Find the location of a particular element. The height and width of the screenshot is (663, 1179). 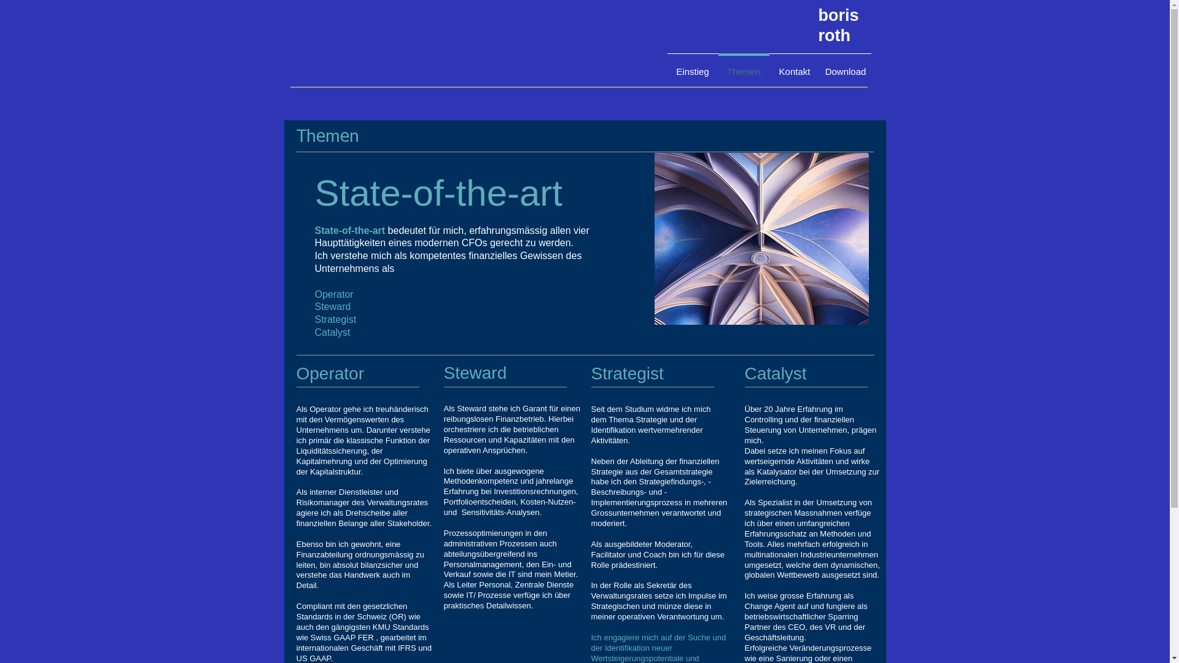

'Download' is located at coordinates (845, 66).